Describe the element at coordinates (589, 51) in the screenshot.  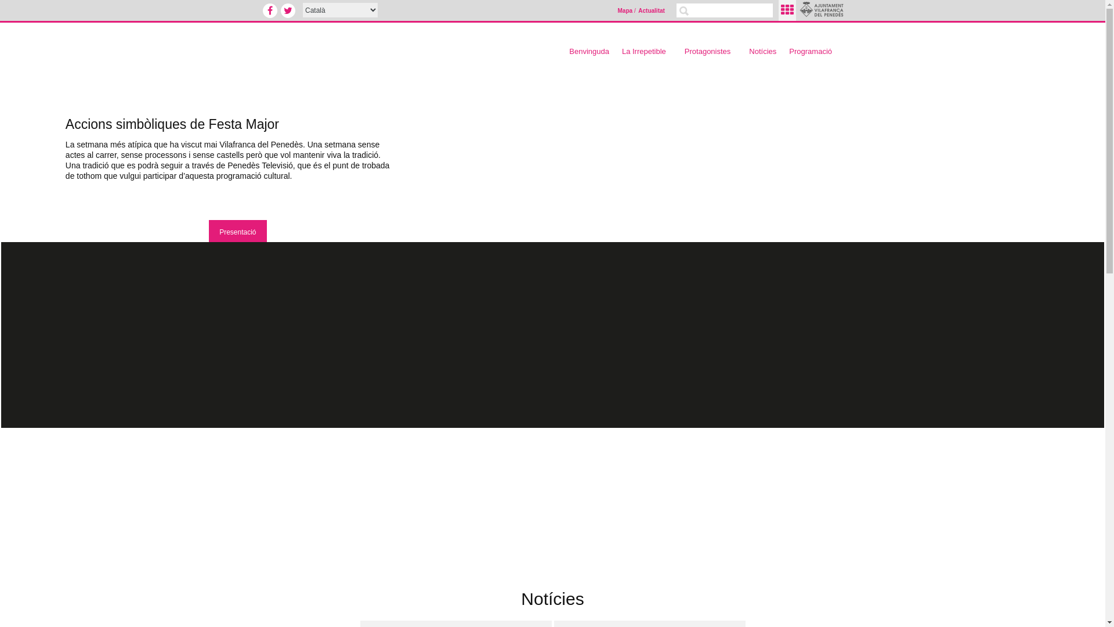
I see `'Benvinguda'` at that location.